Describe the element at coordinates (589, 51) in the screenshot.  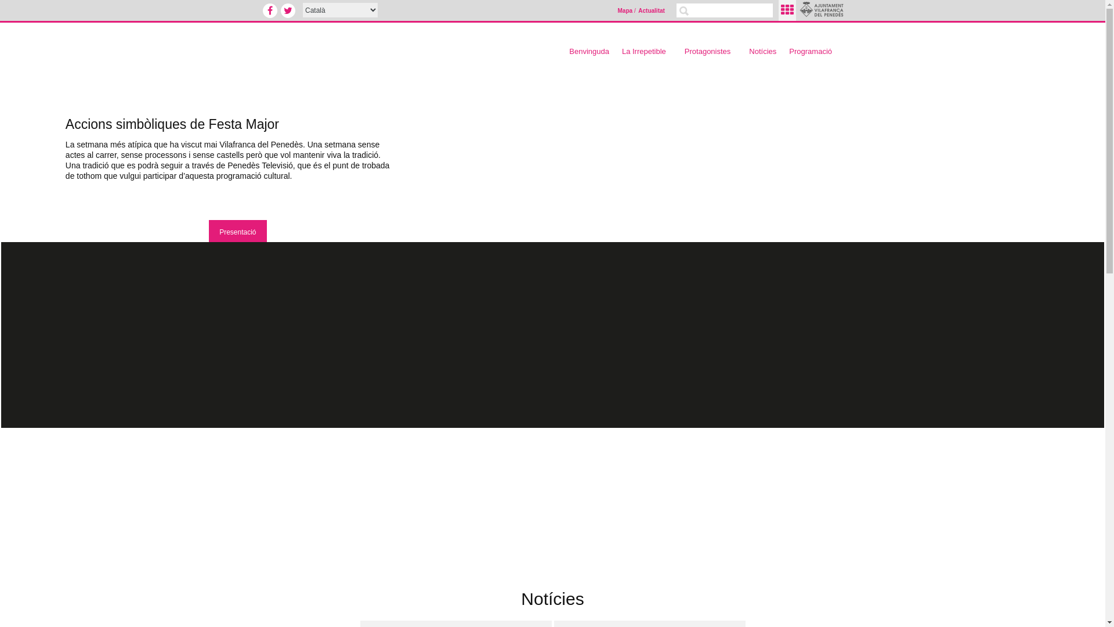
I see `'Benvinguda'` at that location.